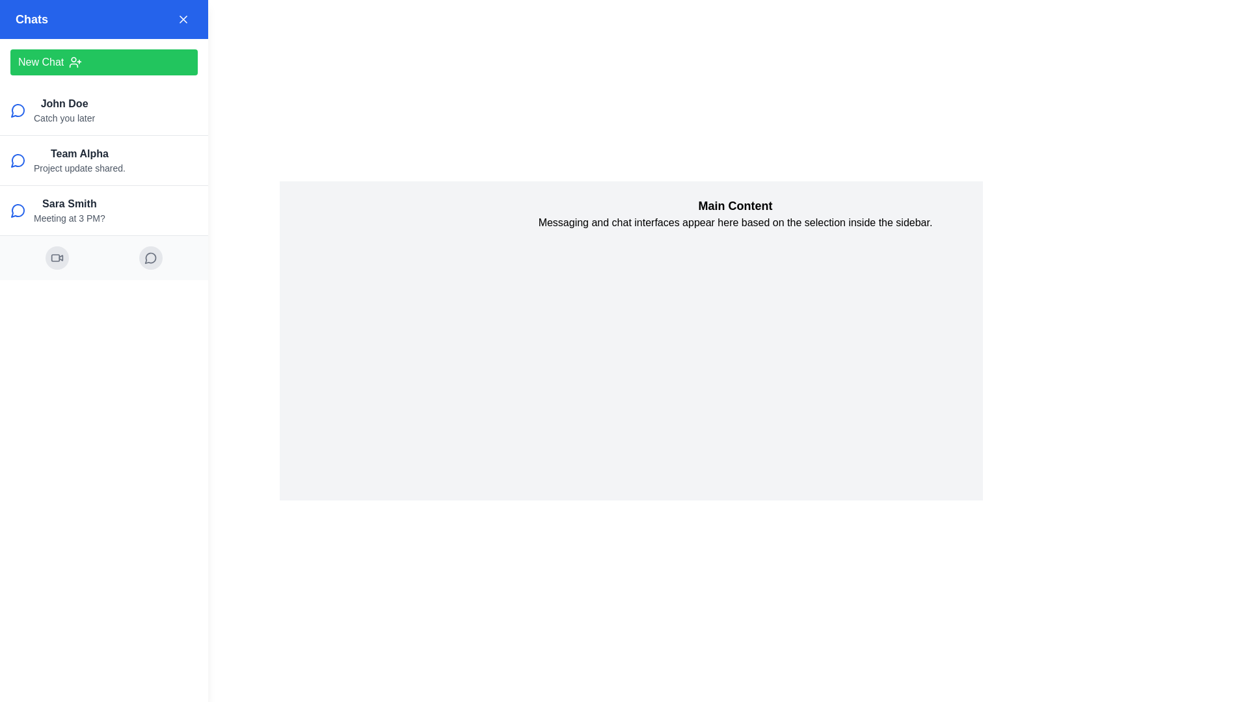  I want to click on the chat bubble icon indicating the 'Team Alpha' chat entry in the sidebar, so click(18, 160).